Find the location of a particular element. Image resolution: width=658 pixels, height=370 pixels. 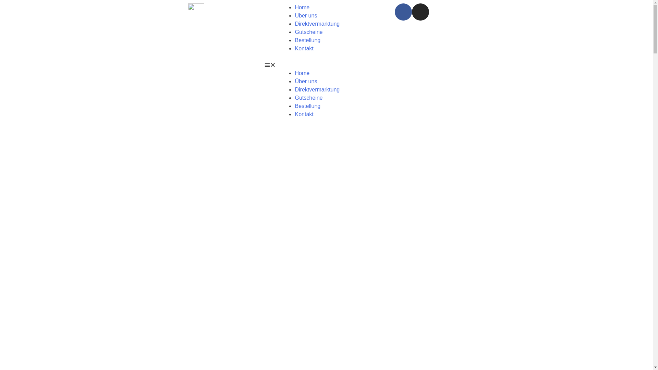

'Direktvermarktung' is located at coordinates (294, 89).